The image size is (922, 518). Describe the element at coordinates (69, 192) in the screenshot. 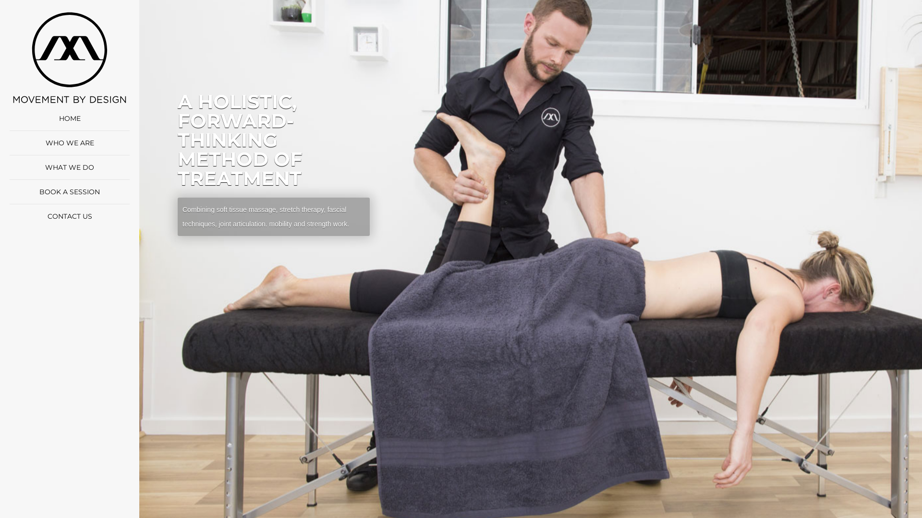

I see `'BOOK A SESSION'` at that location.